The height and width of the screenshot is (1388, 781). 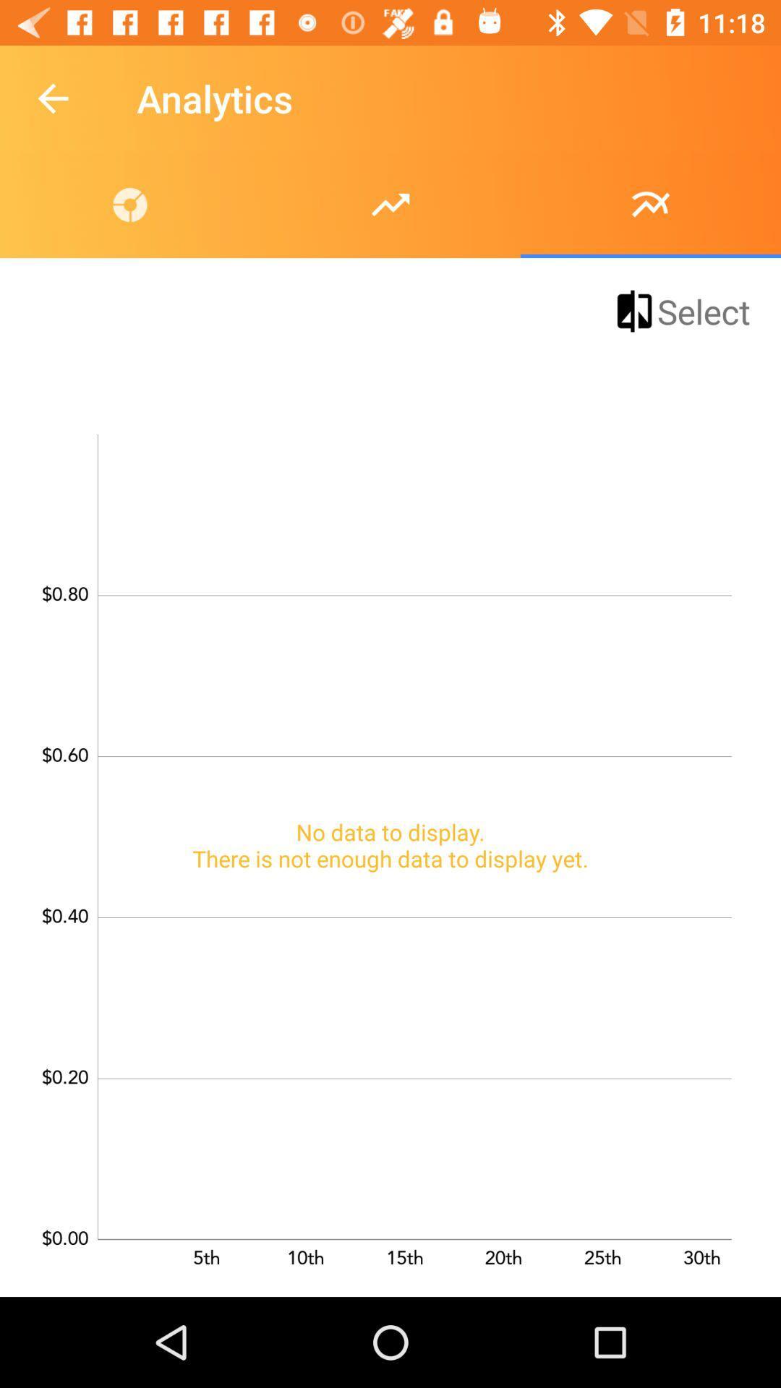 I want to click on the icon next to the analytics icon, so click(x=52, y=98).